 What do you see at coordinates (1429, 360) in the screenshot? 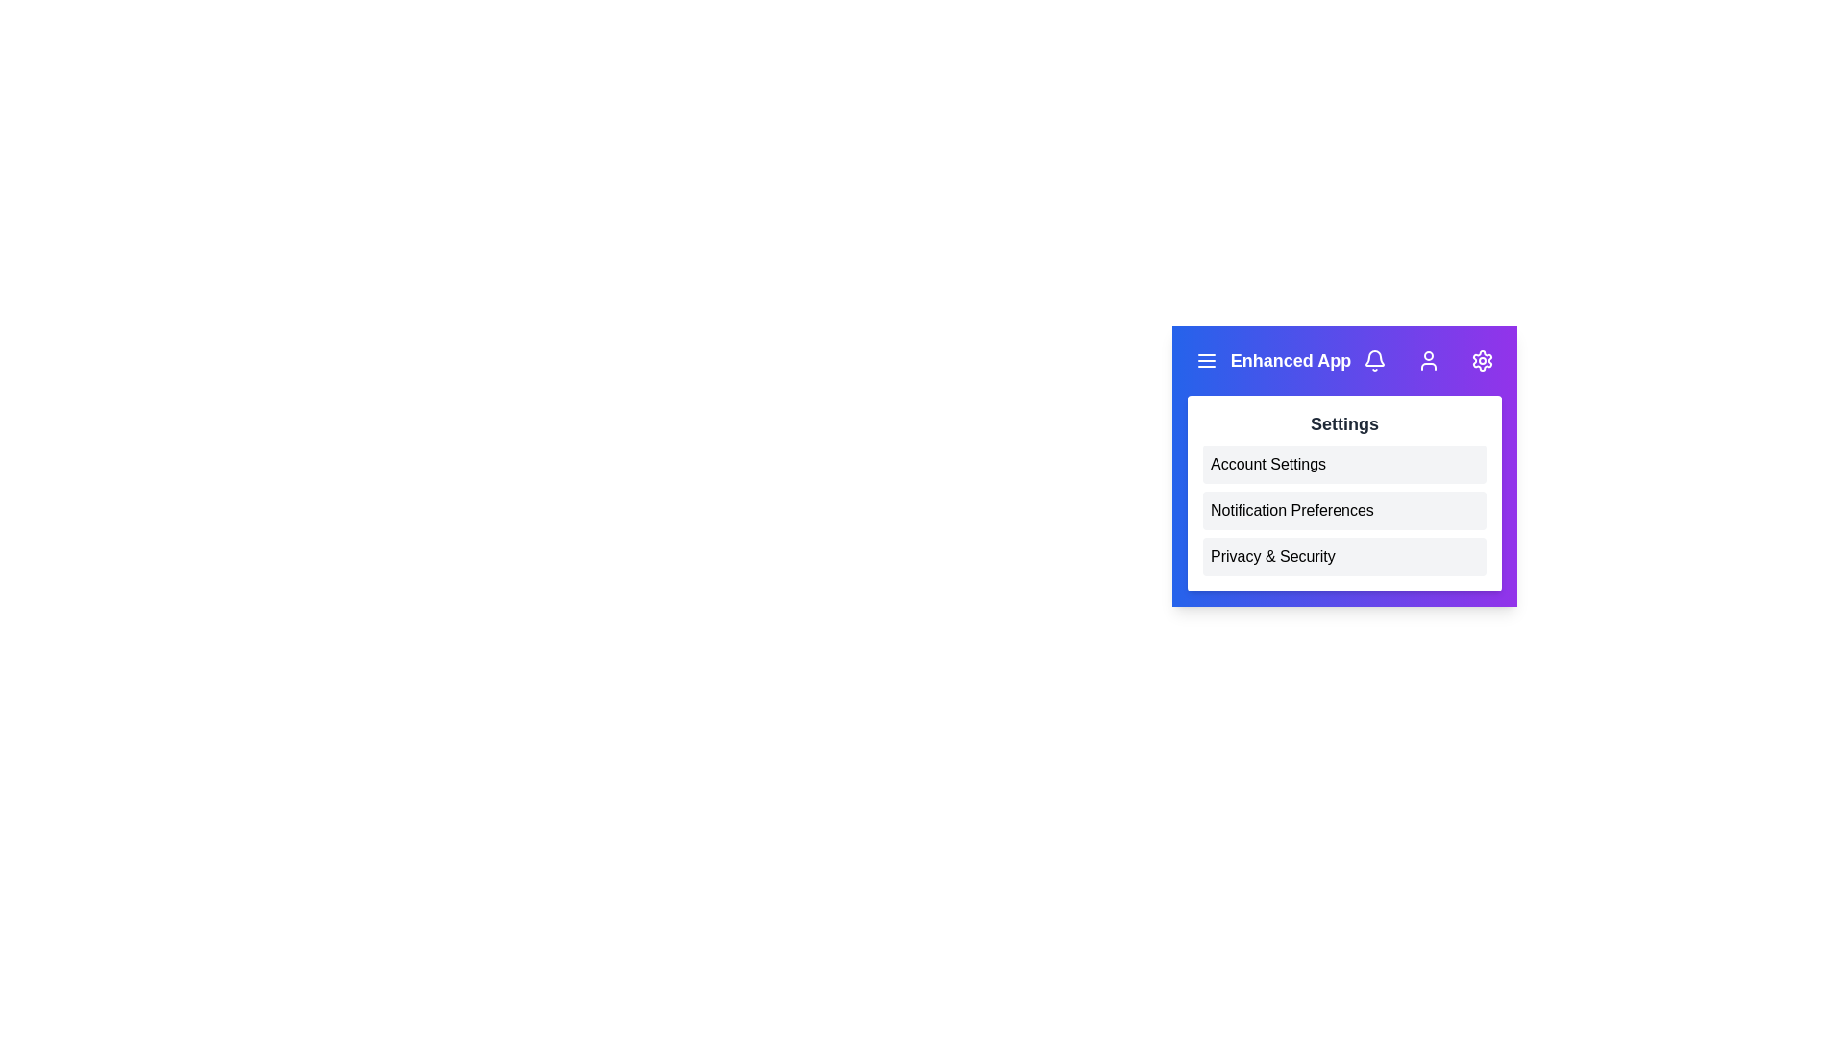
I see `the user profile button to open the user profile menu` at bounding box center [1429, 360].